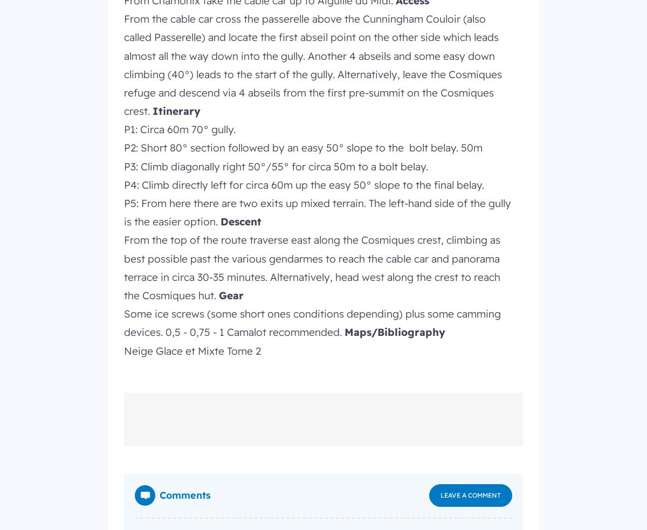  Describe the element at coordinates (152, 162) in the screenshot. I see `'Cookies'` at that location.